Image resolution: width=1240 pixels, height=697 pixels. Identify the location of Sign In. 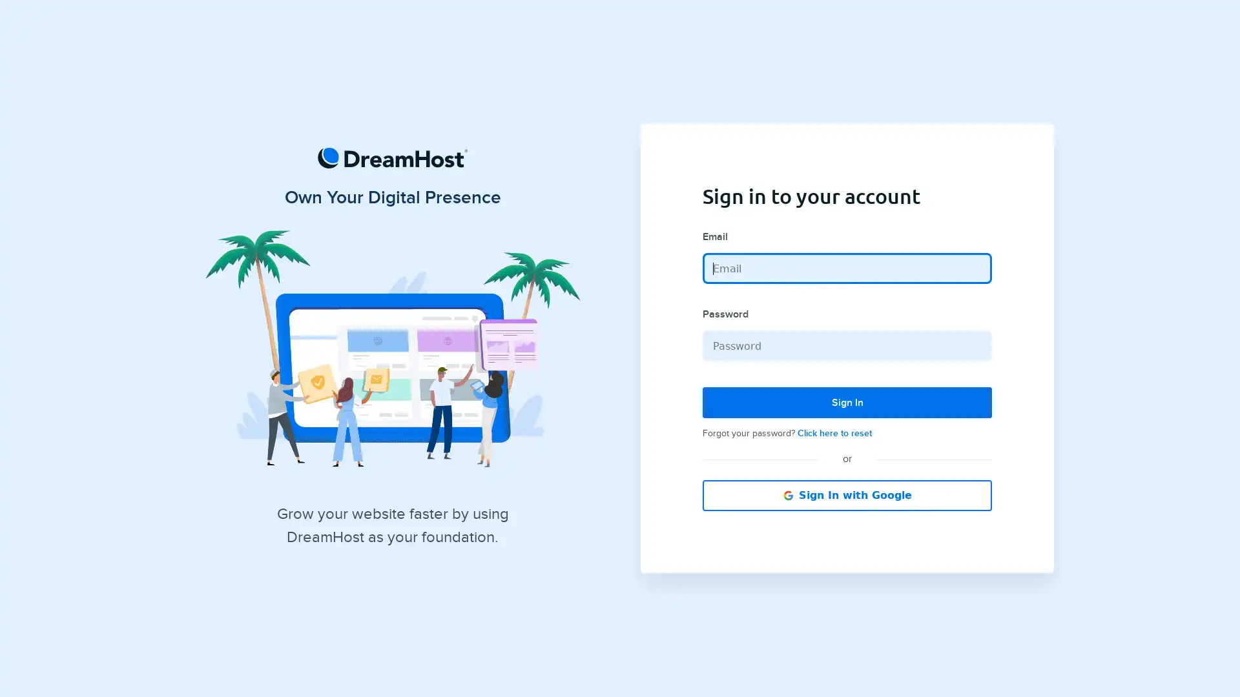
(847, 402).